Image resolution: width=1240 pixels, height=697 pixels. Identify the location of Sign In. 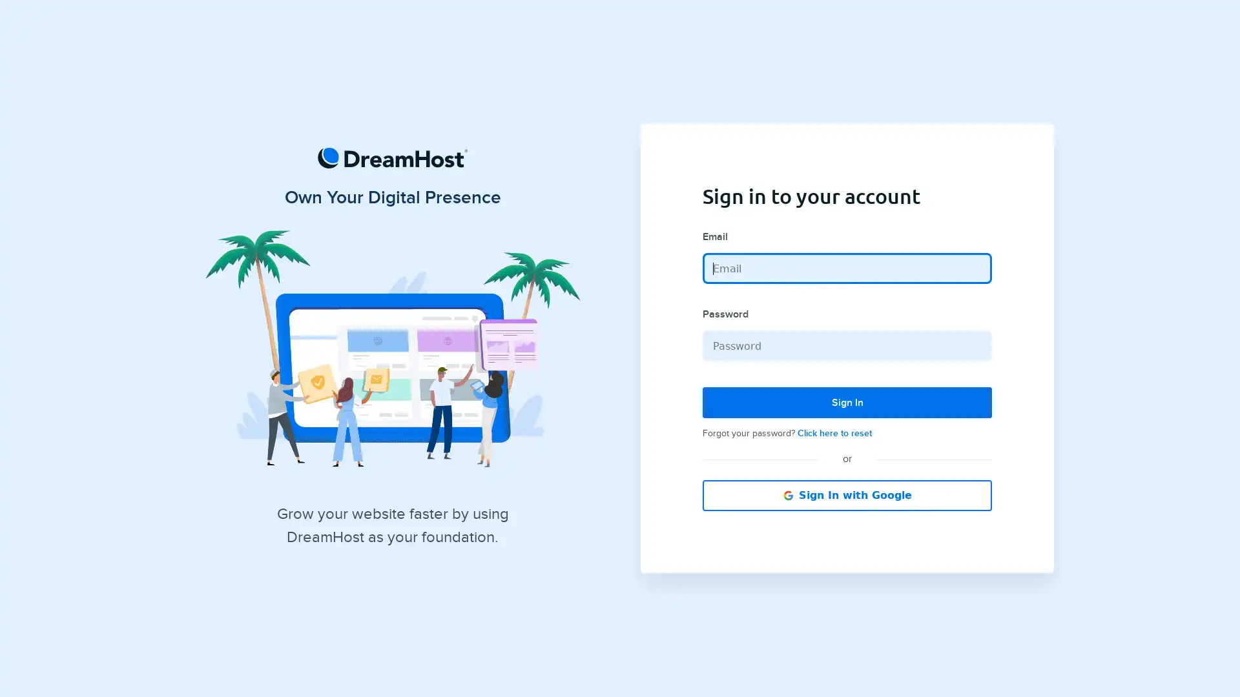
(847, 402).